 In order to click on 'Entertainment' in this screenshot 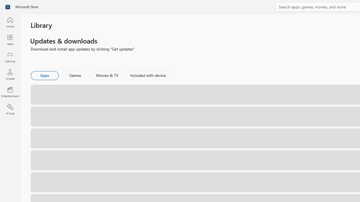, I will do `click(10, 91)`.